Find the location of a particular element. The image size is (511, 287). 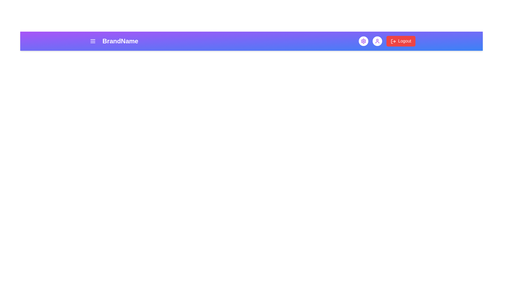

the menu icon to open the menu is located at coordinates (93, 41).